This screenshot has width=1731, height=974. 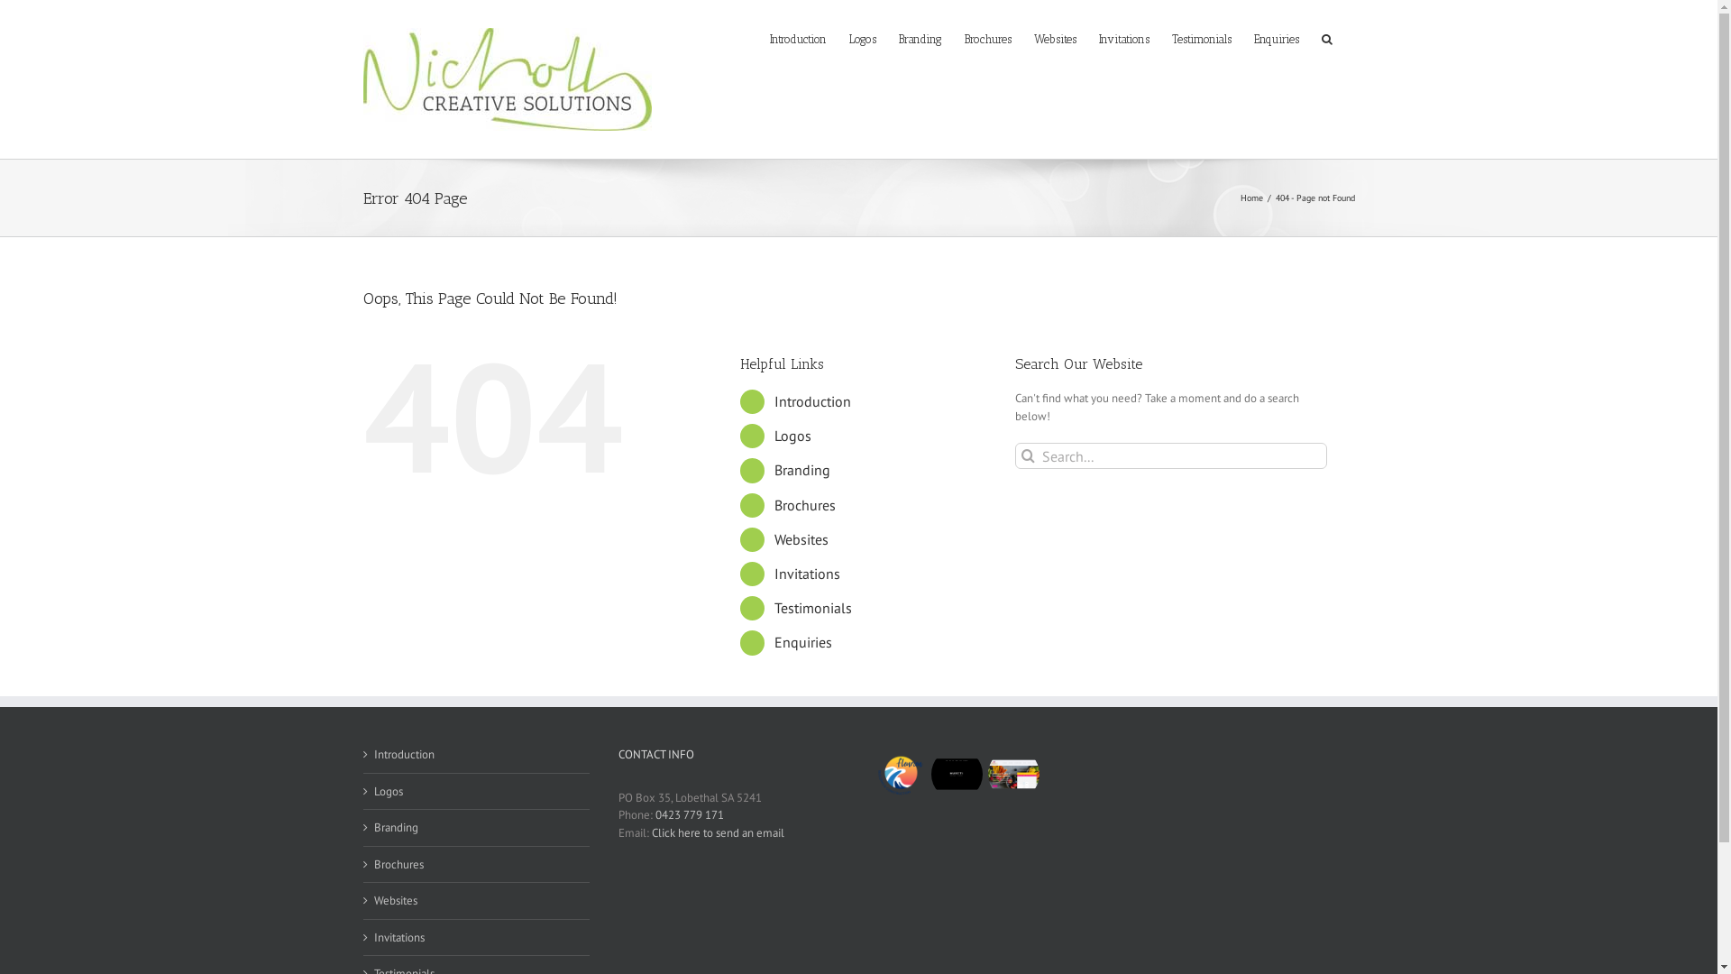 What do you see at coordinates (1252, 38) in the screenshot?
I see `'Enquiries'` at bounding box center [1252, 38].